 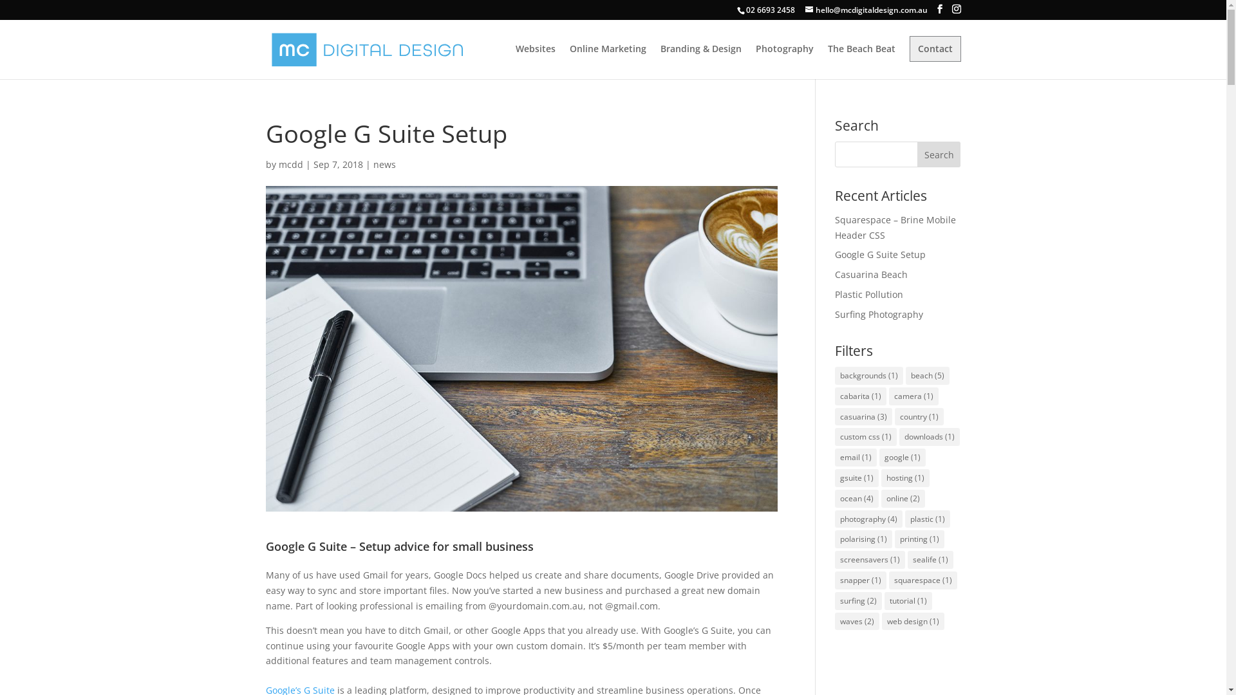 What do you see at coordinates (935, 48) in the screenshot?
I see `'Contact'` at bounding box center [935, 48].